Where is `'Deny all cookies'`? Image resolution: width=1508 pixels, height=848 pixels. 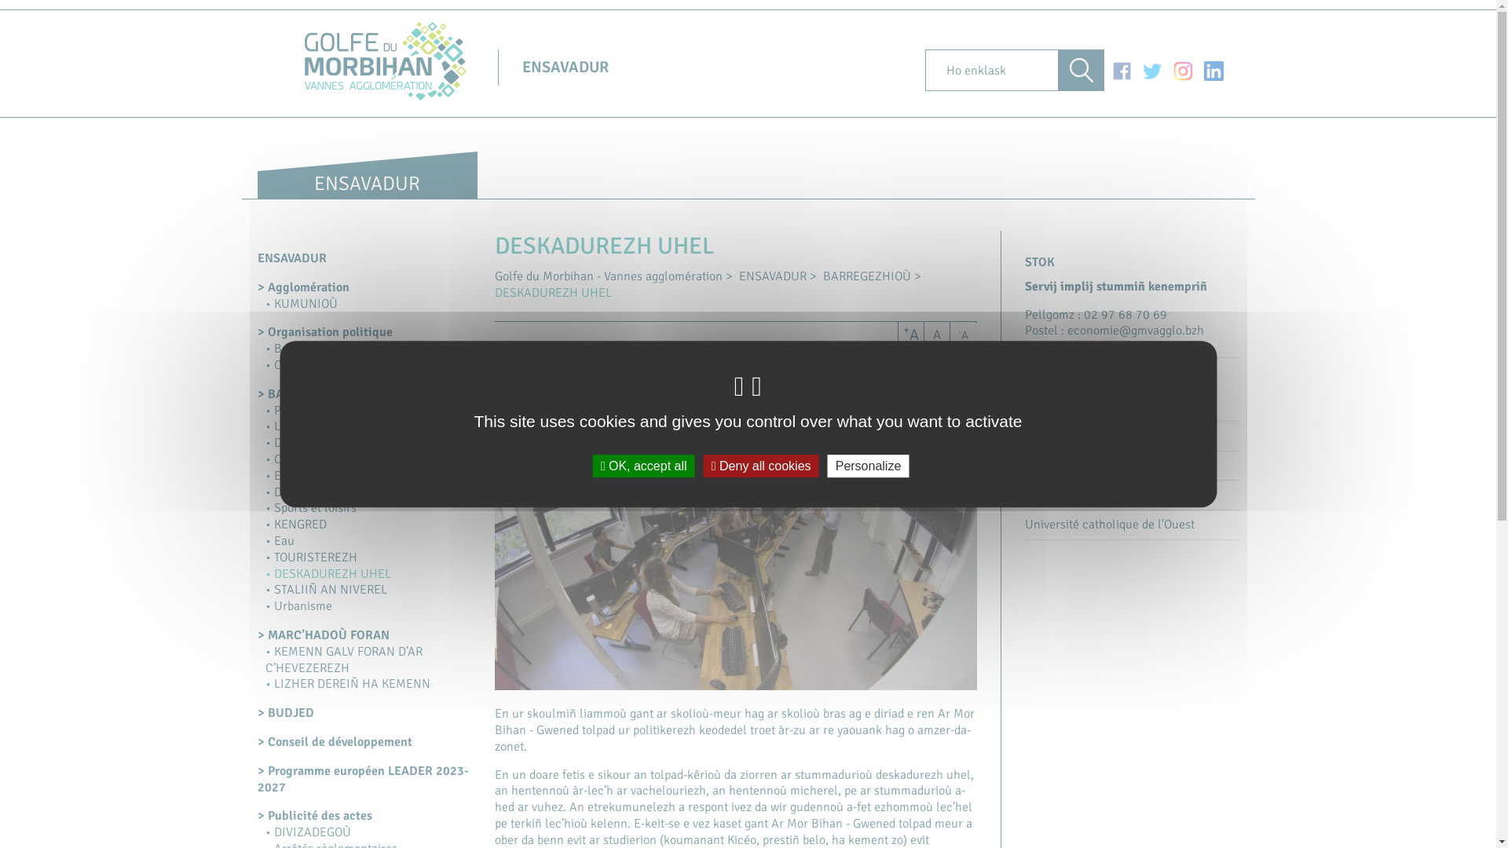 'Deny all cookies' is located at coordinates (761, 465).